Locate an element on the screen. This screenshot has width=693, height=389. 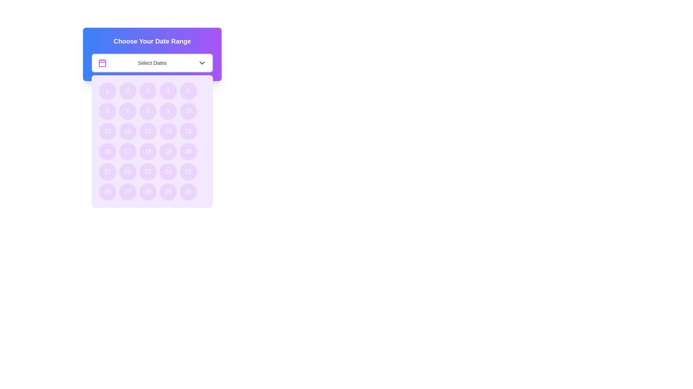
the button labeled '10' in the date selector popup is located at coordinates (188, 111).